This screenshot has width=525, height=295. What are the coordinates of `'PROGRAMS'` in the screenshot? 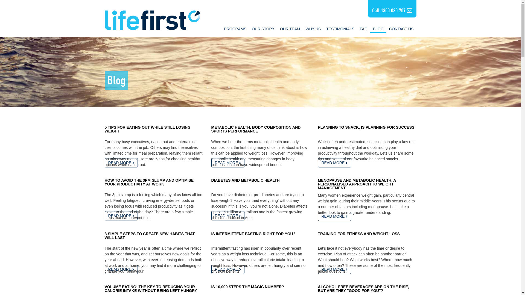 It's located at (235, 29).